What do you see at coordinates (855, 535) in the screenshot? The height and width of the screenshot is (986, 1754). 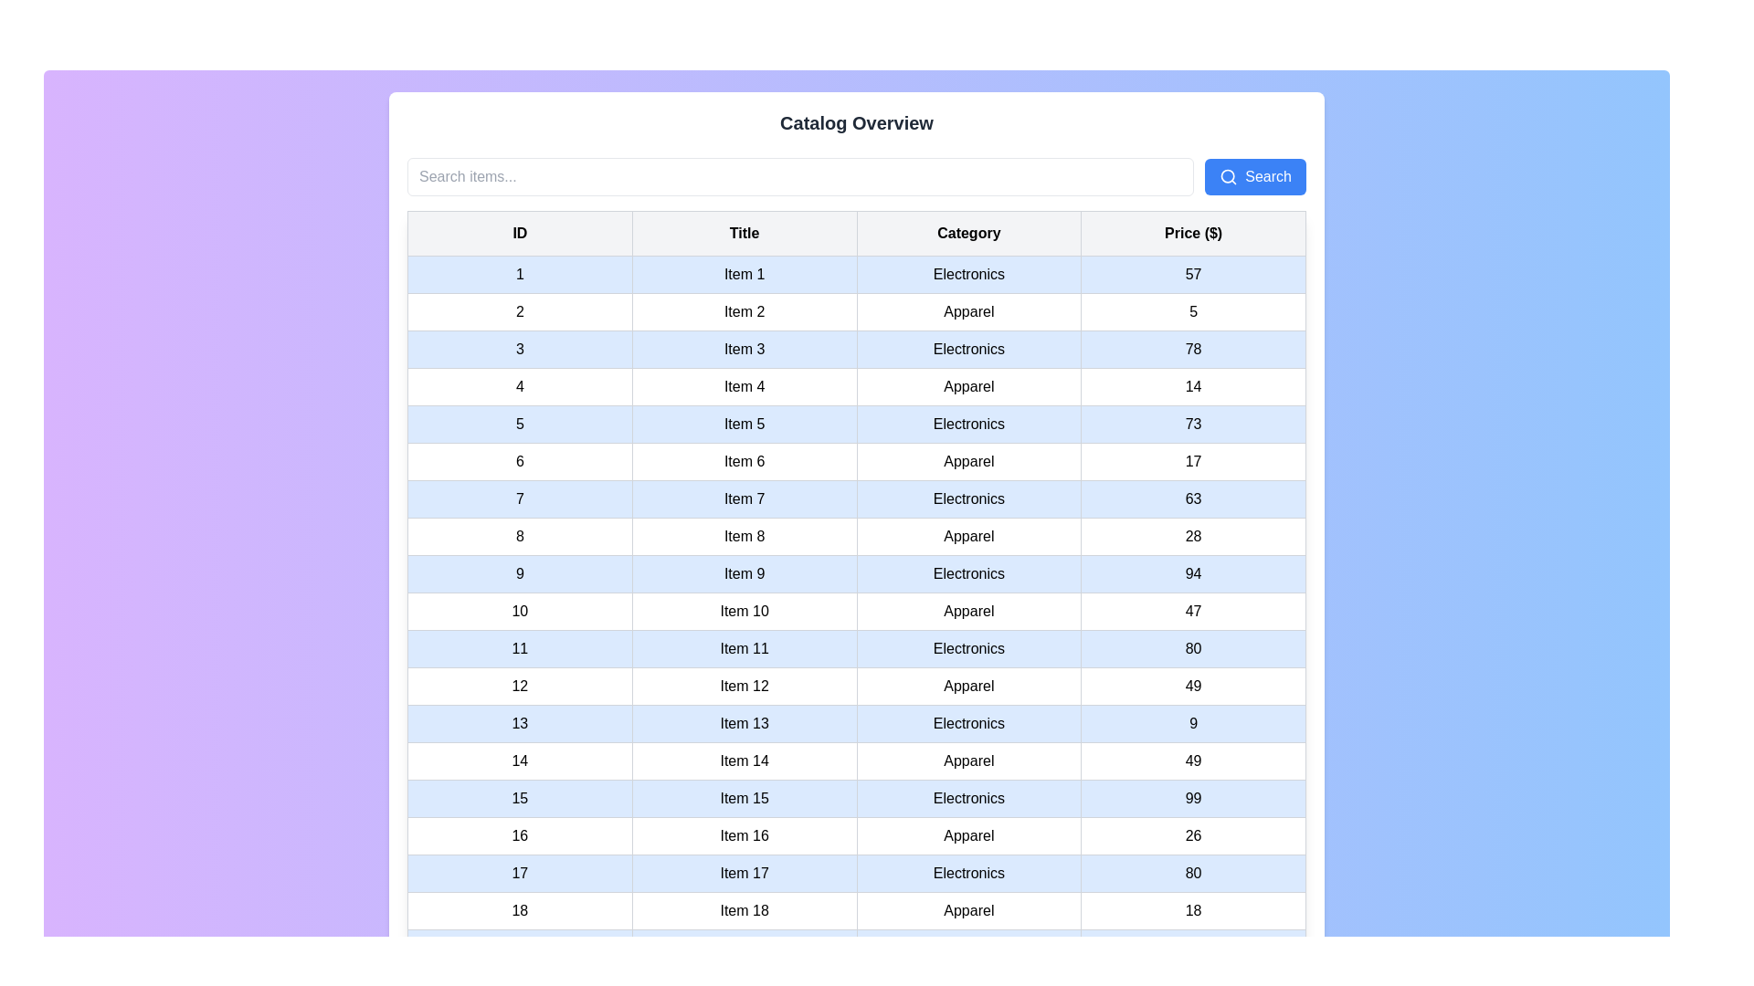 I see `the non-interactive data row in the eighth row of the table that presents details about 'Item 8', which includes columns for 'ID', 'Title', 'Category', and 'Price ($)'` at bounding box center [855, 535].